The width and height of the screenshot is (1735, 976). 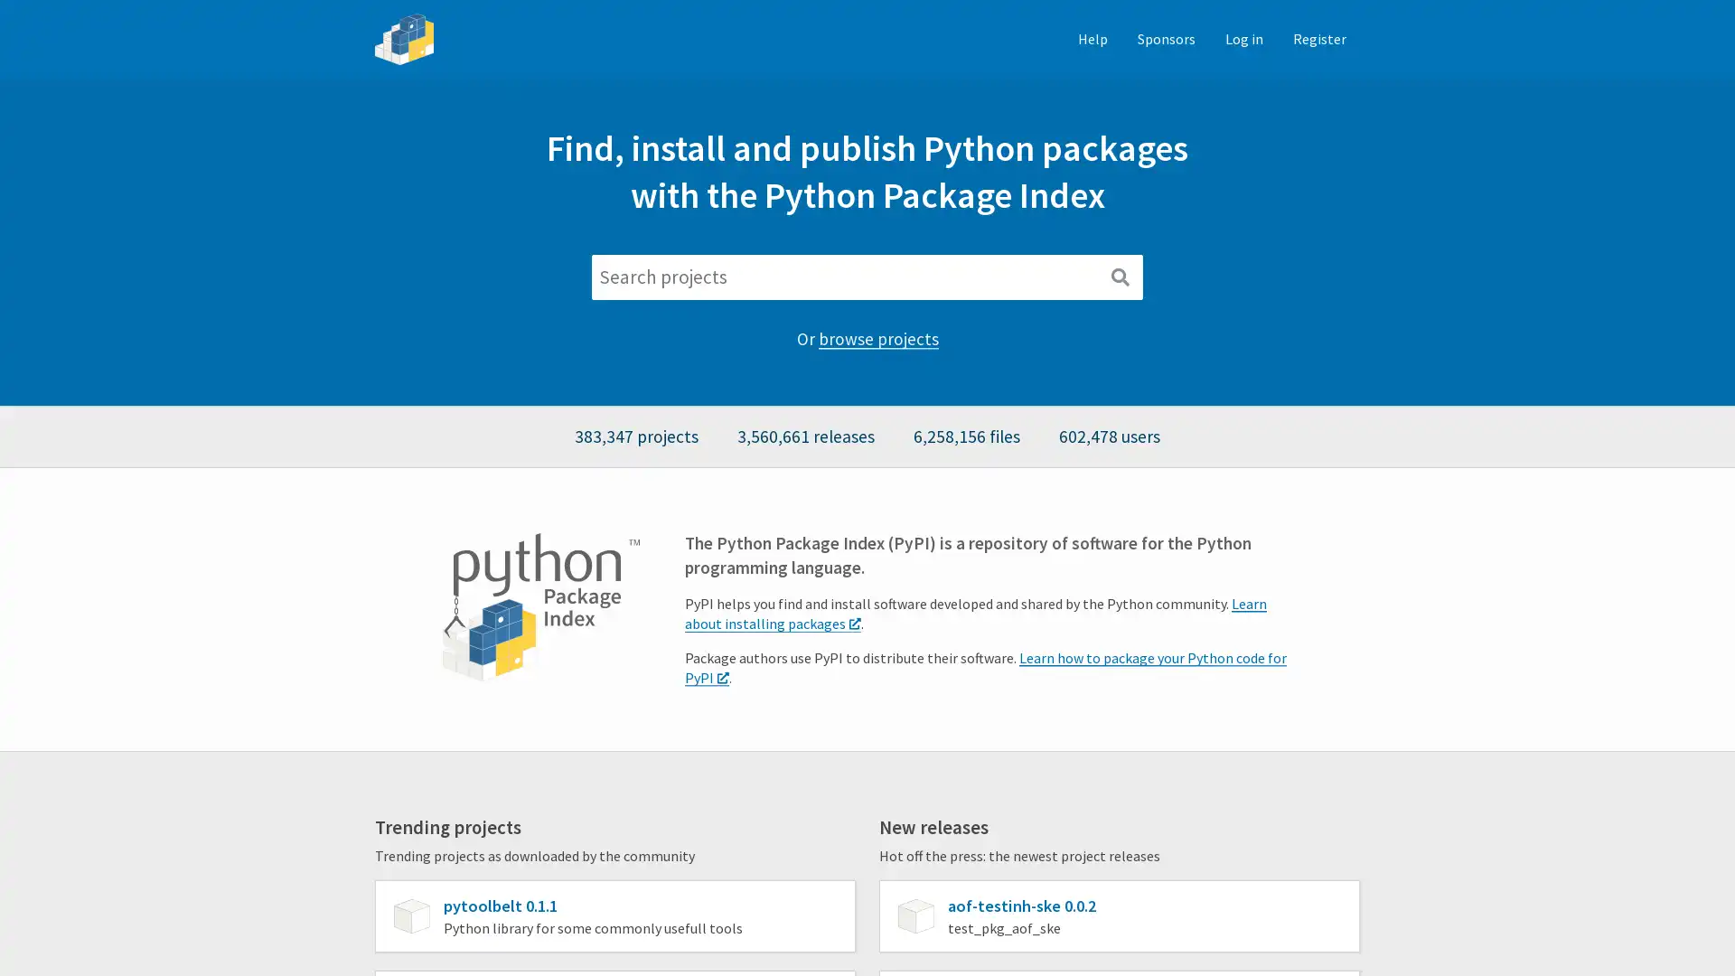 What do you see at coordinates (1119, 277) in the screenshot?
I see `Search` at bounding box center [1119, 277].